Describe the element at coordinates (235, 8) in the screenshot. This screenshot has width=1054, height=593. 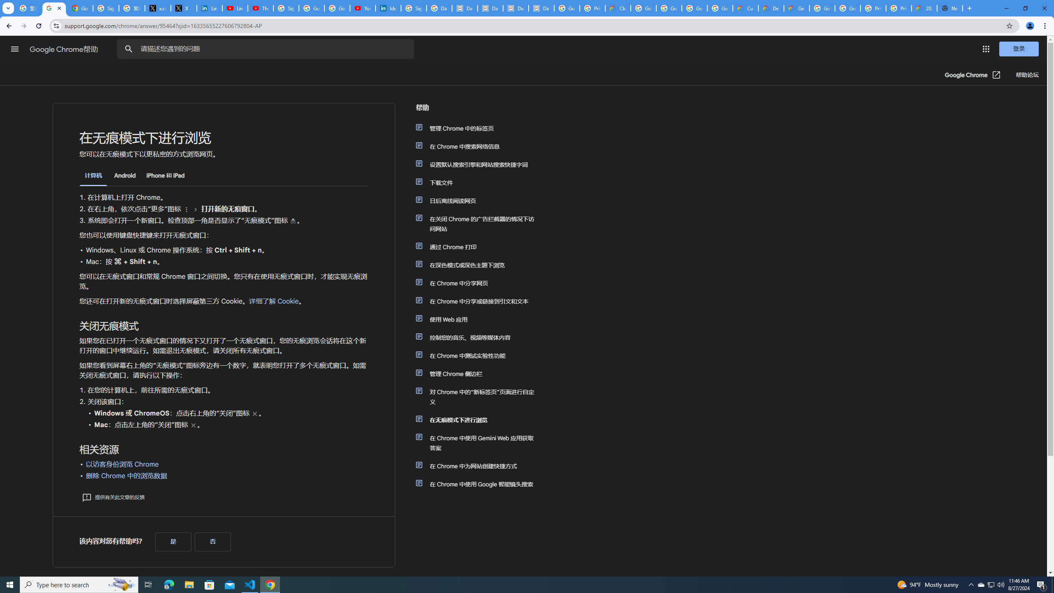
I see `'LinkedIn - YouTube'` at that location.